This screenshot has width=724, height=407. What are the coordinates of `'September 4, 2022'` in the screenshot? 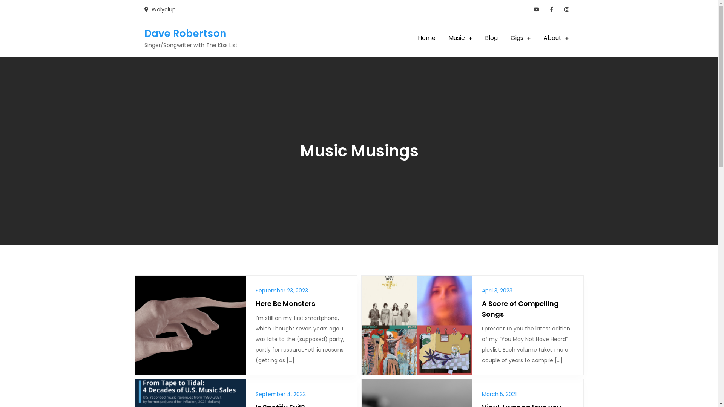 It's located at (280, 393).